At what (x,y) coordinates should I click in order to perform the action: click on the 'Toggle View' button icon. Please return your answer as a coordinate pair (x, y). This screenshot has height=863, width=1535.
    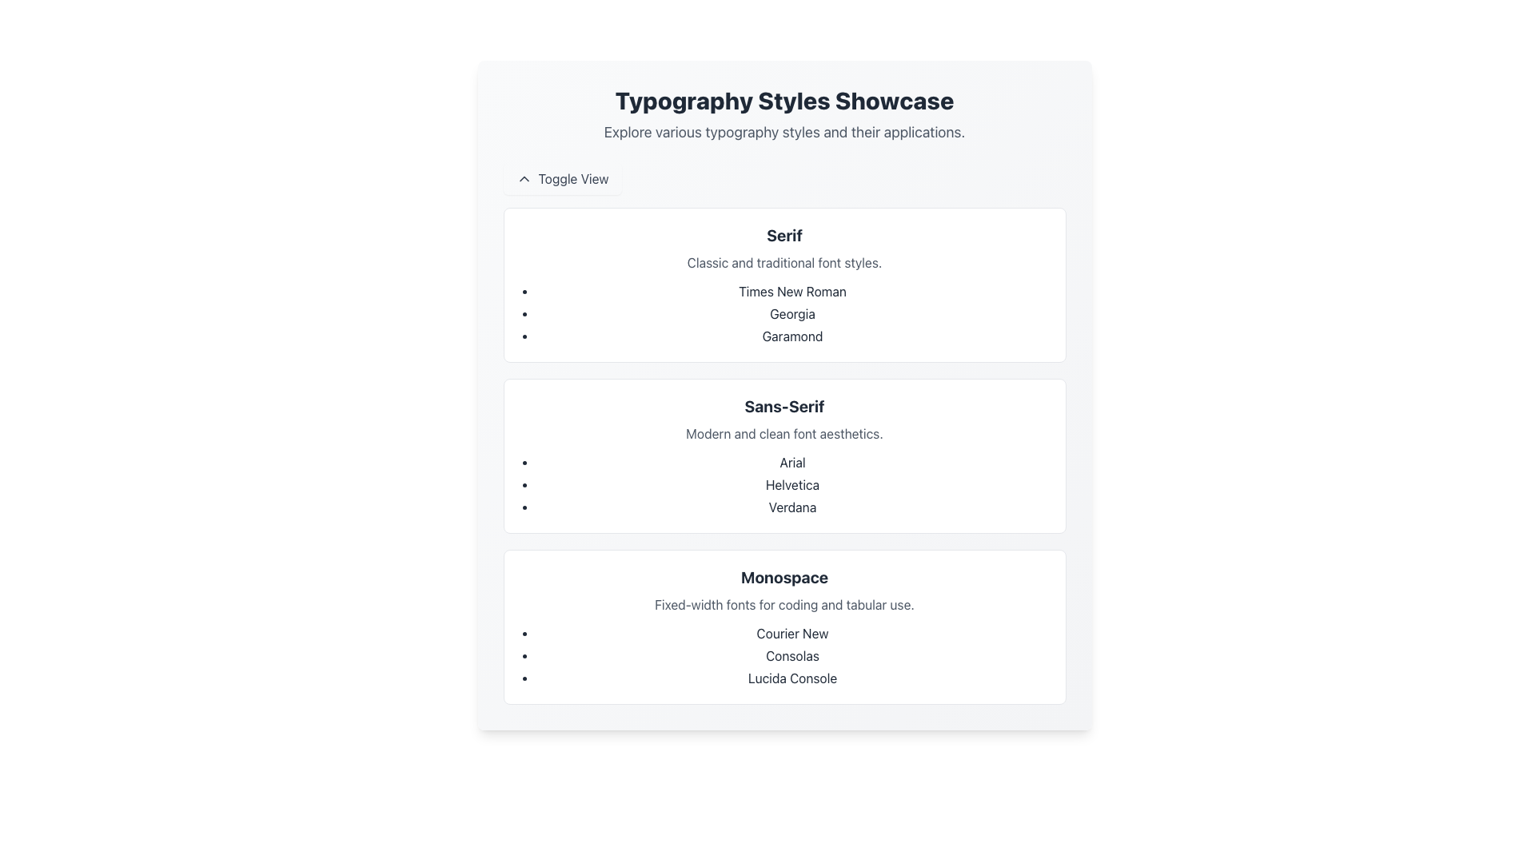
    Looking at the image, I should click on (524, 178).